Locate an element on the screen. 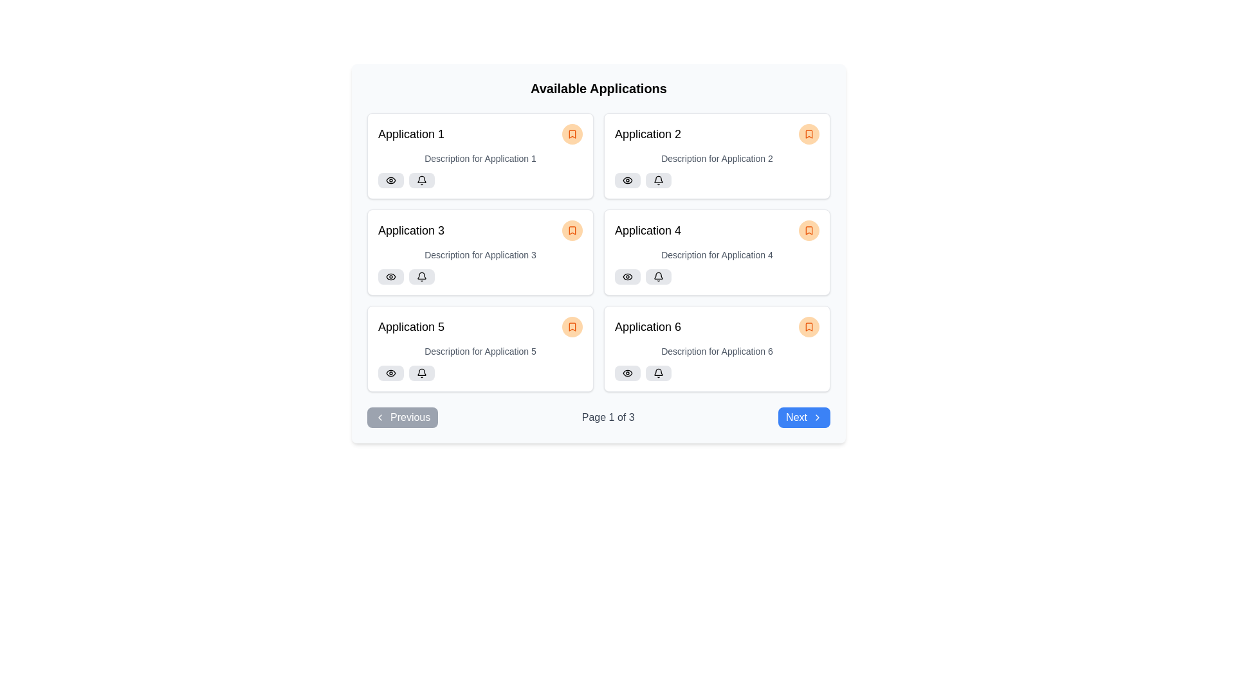 This screenshot has height=694, width=1235. the Icon button located in the action section of the sixth application card, which is positioned to the left of the bell icon in the card's bottom-right corner action bar is located at coordinates (627, 373).